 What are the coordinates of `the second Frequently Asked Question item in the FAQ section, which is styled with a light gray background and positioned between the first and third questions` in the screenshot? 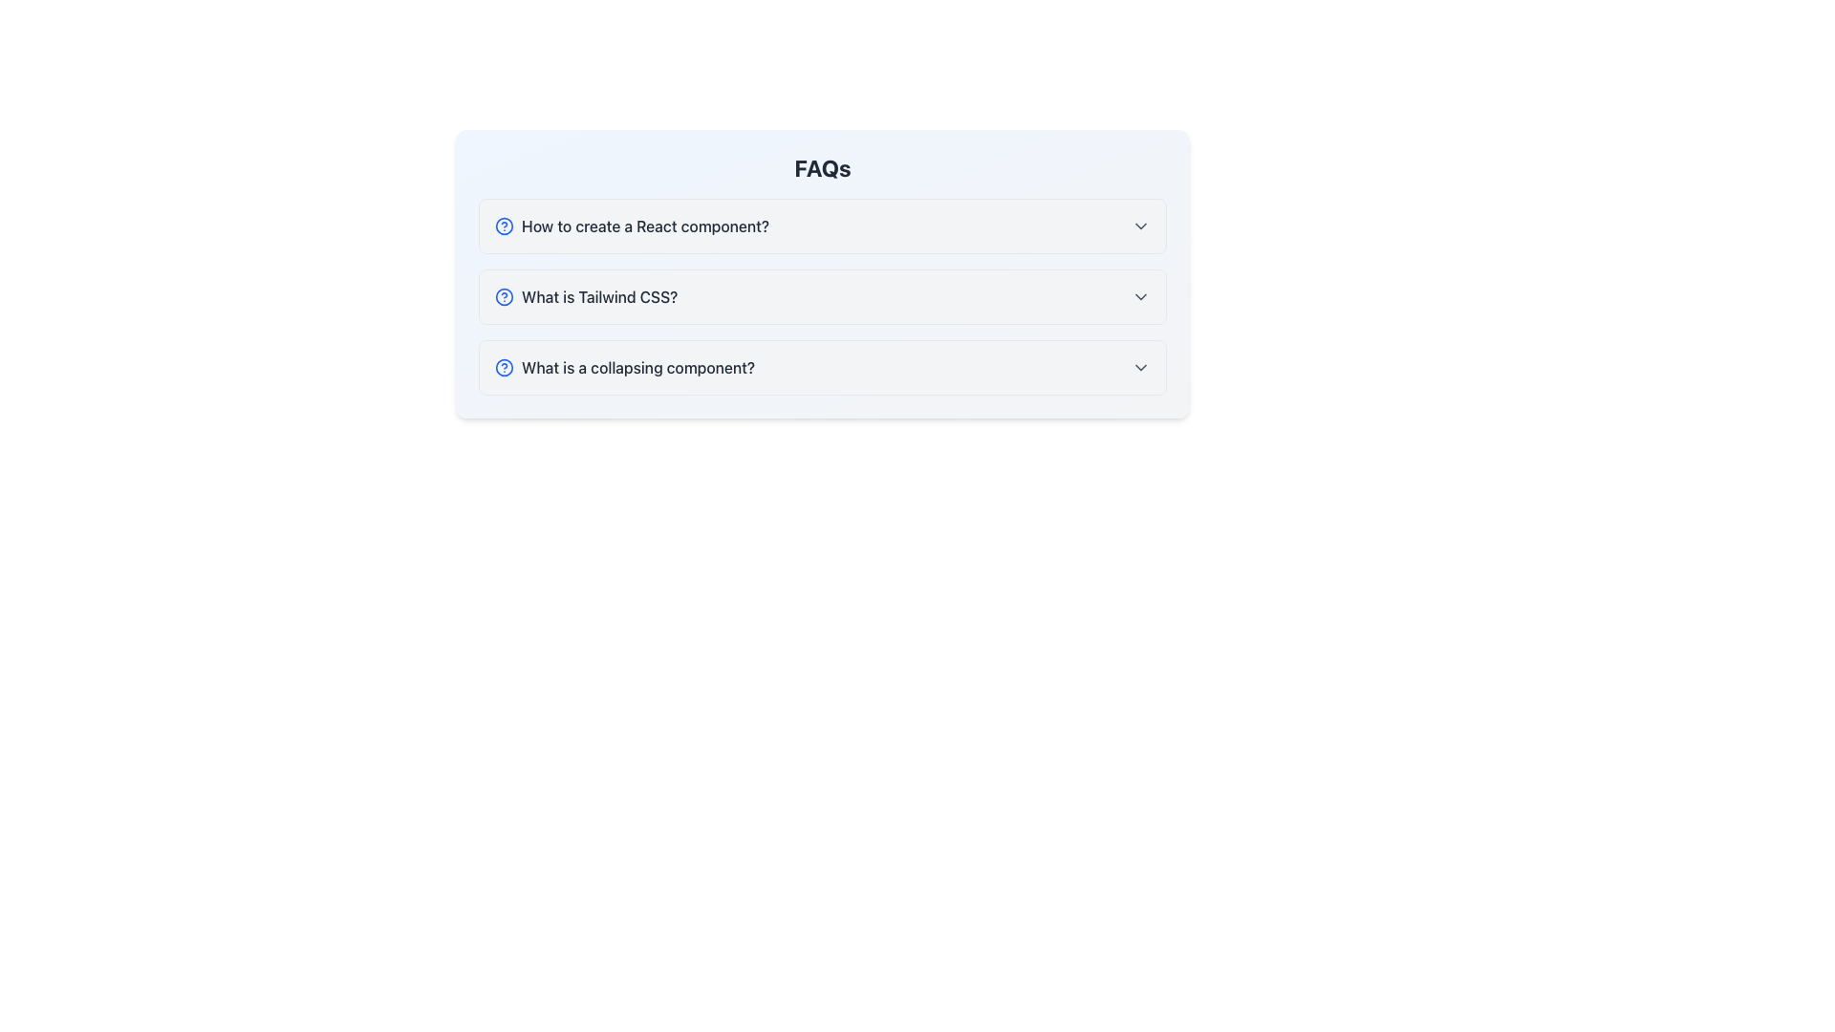 It's located at (822, 297).